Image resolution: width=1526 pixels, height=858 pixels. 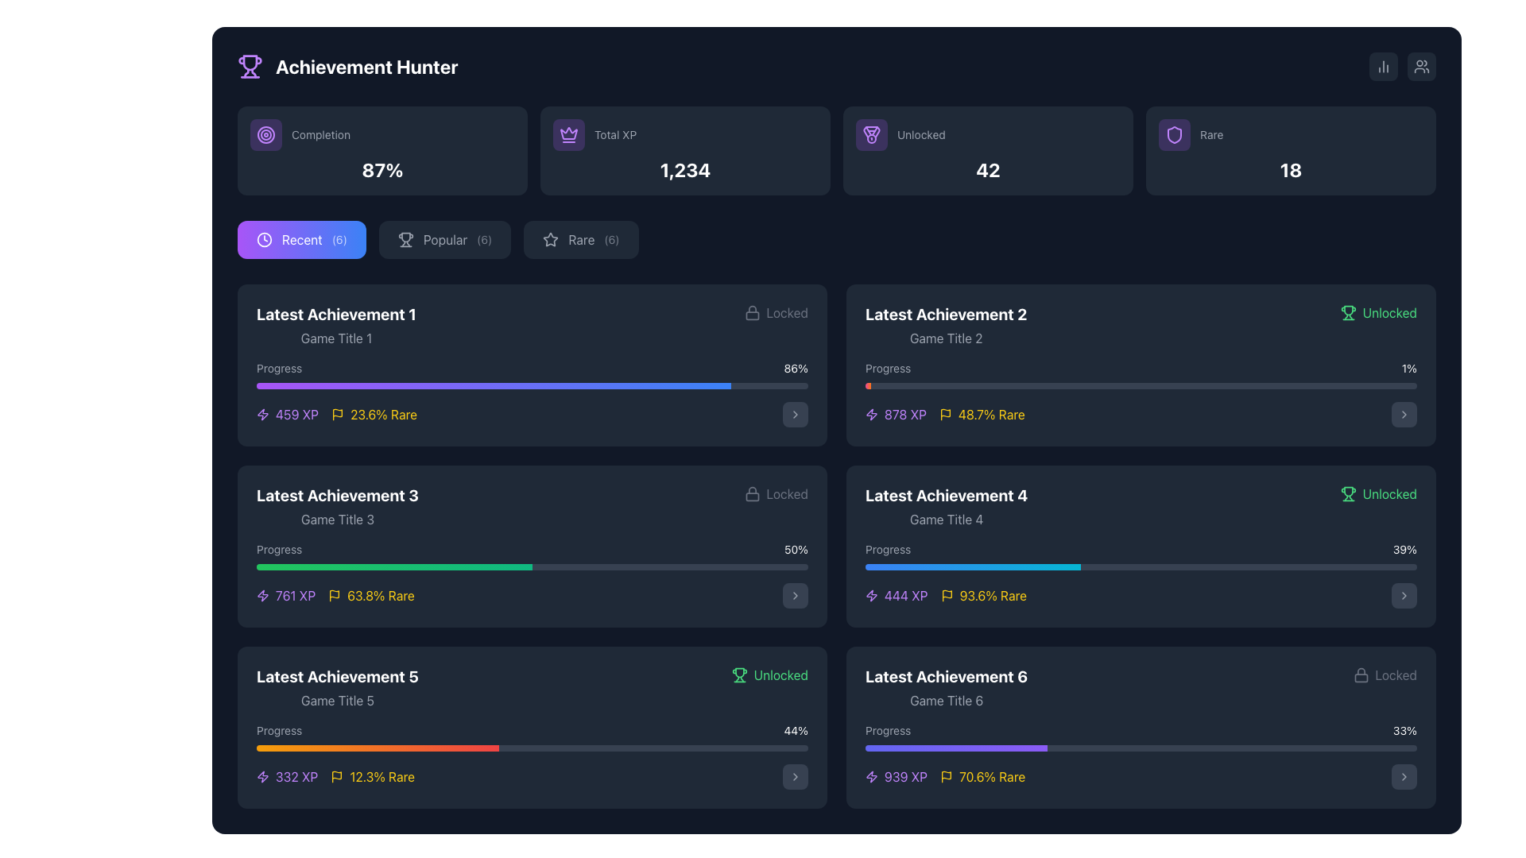 What do you see at coordinates (533, 506) in the screenshot?
I see `the content of the Text Header with Status Indicator displaying 'Latest Achievement 3' and 'Game Title 3', located in the second column of the second row of the grid` at bounding box center [533, 506].